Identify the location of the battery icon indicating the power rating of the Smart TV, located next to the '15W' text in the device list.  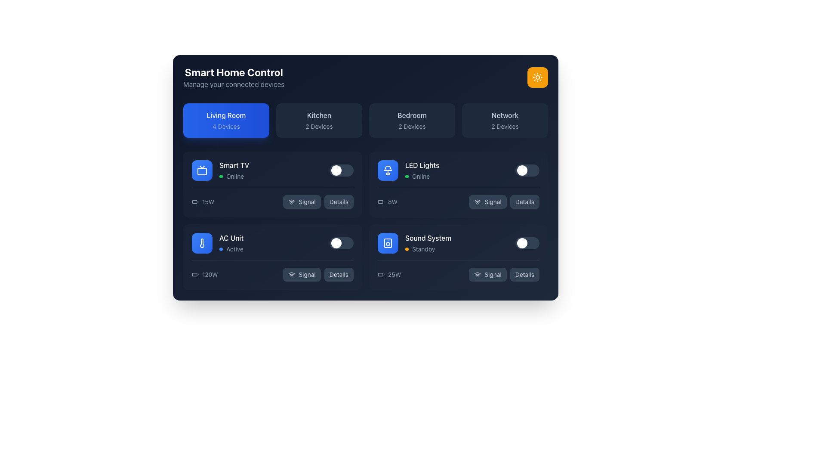
(195, 202).